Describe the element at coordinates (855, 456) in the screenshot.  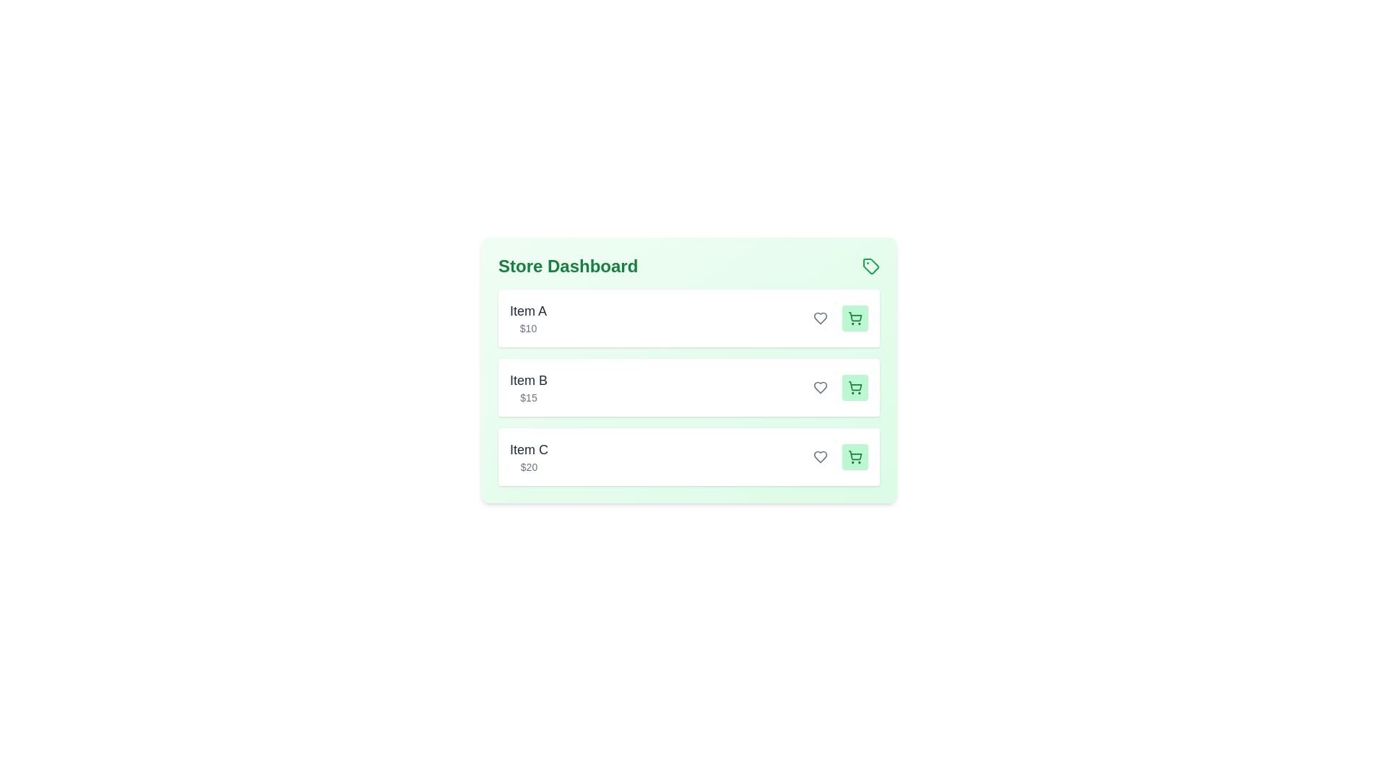
I see `the add-to-cart icon in the 'Item C' section` at that location.